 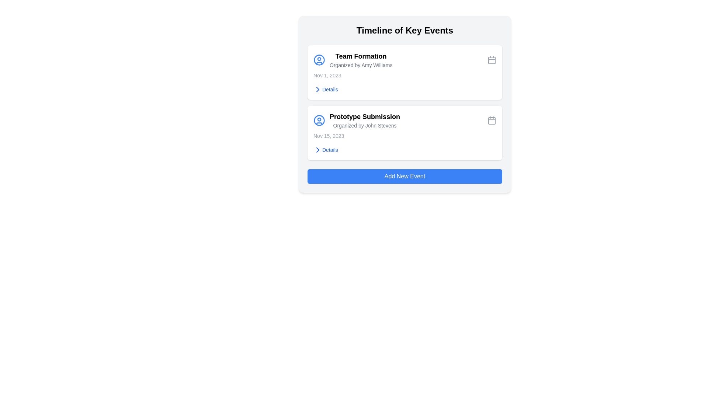 What do you see at coordinates (405, 72) in the screenshot?
I see `the Event Summary Card titled 'Team Formation' which contains details about an event organized by Amy Williams, located at the top of the list of event cards` at bounding box center [405, 72].